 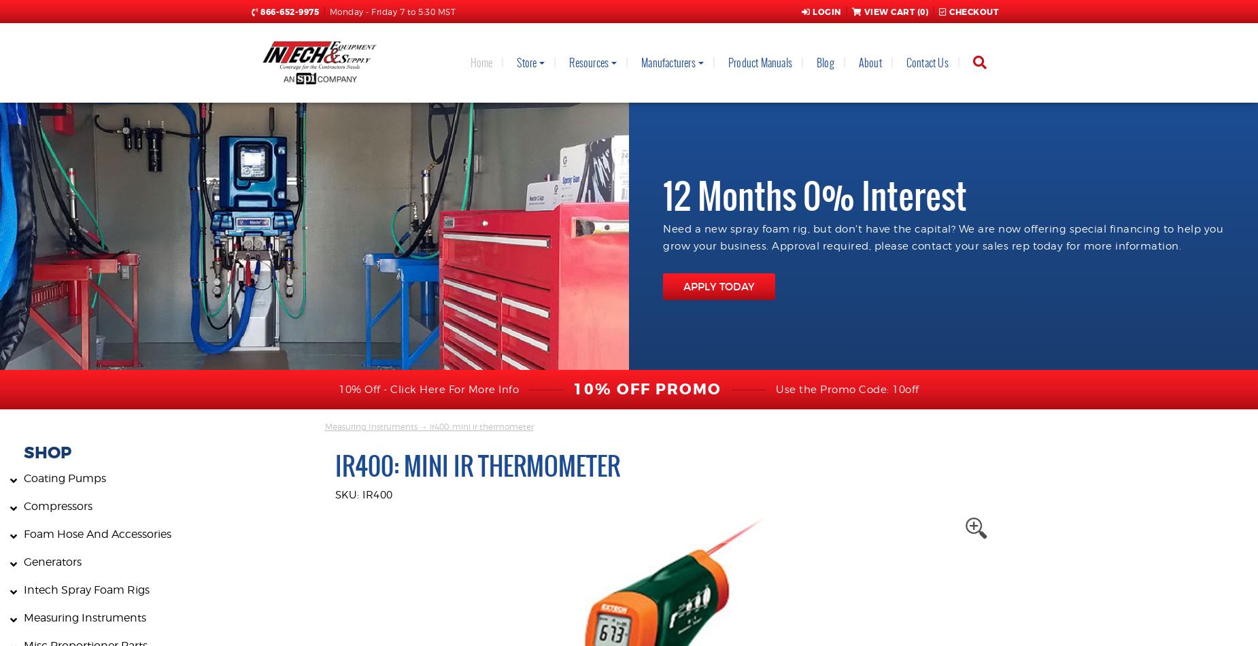 I want to click on 'SKU: 
										IR400', so click(x=334, y=494).